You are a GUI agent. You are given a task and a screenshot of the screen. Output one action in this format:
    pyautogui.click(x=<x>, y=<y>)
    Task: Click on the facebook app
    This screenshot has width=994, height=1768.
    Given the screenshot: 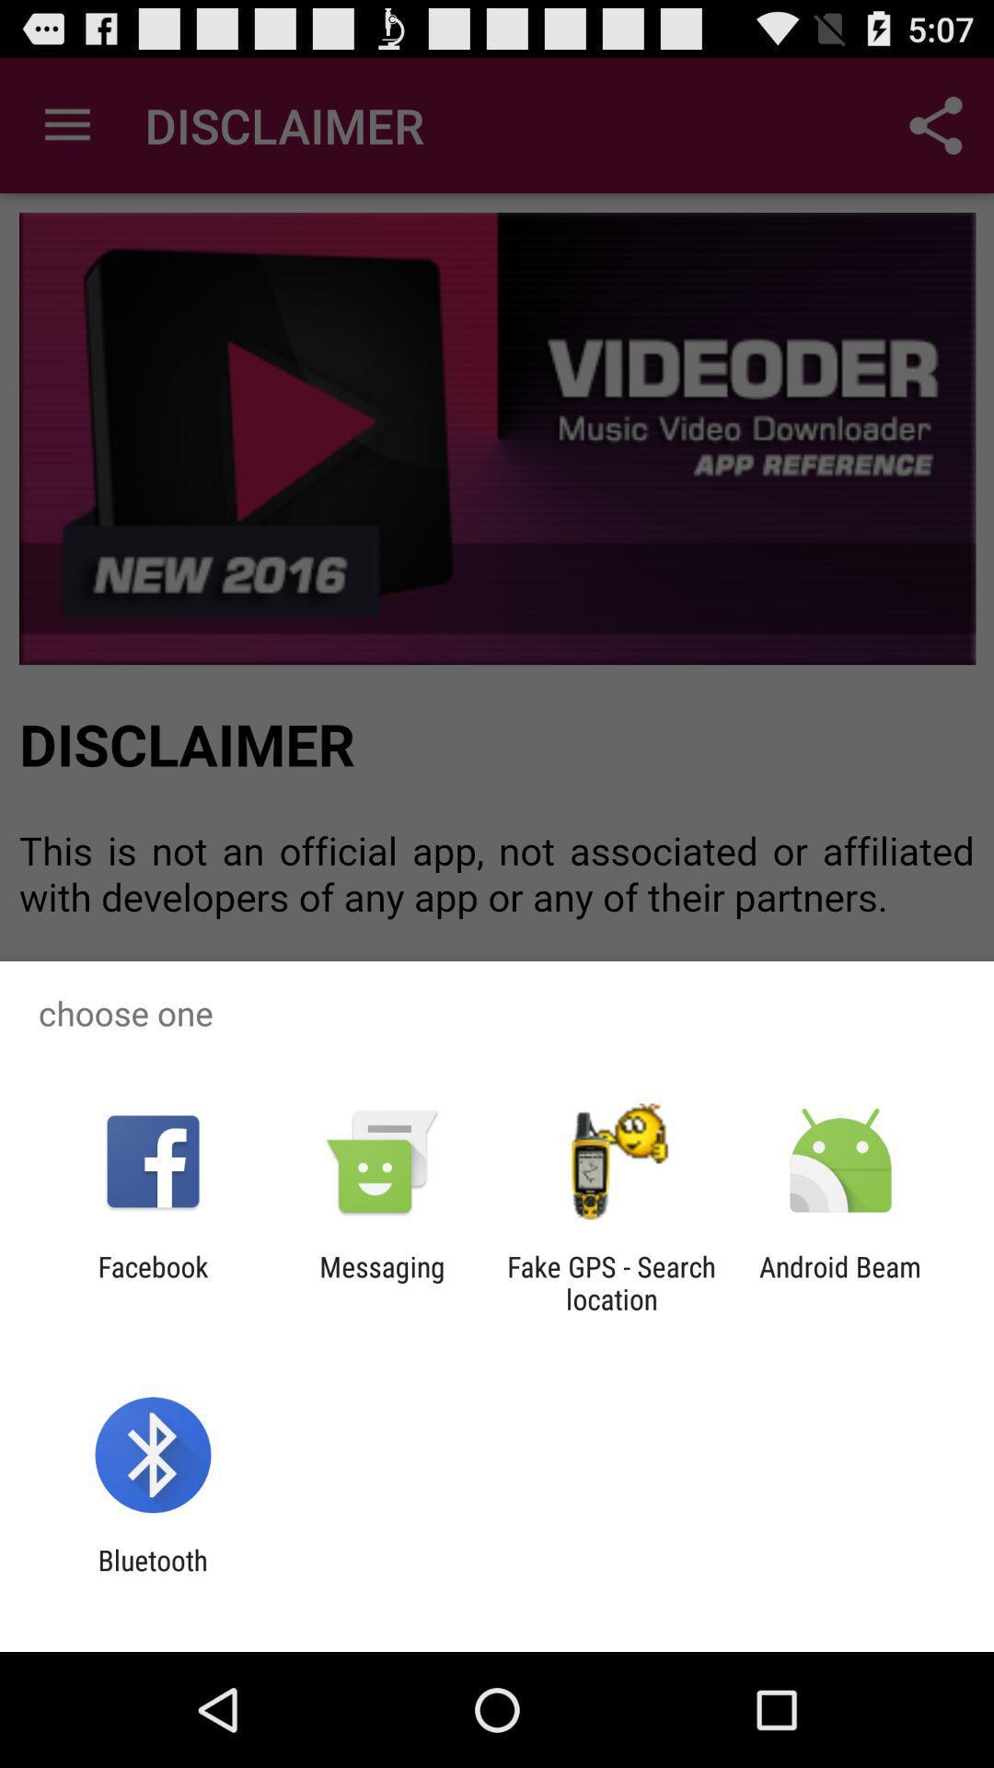 What is the action you would take?
    pyautogui.click(x=152, y=1282)
    